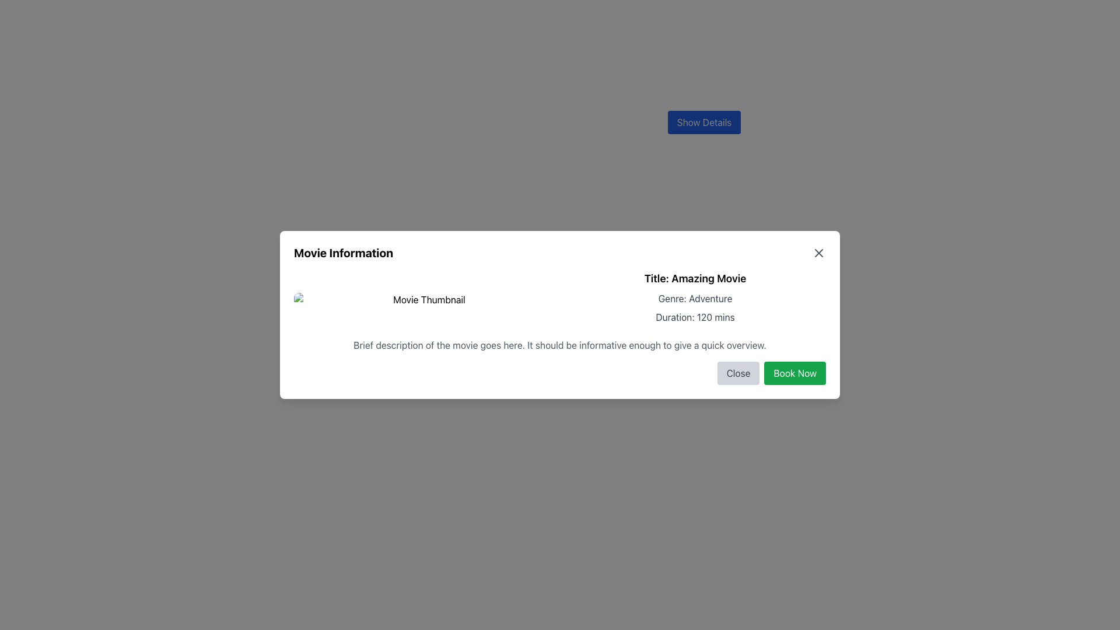  What do you see at coordinates (560, 344) in the screenshot?
I see `the text paragraph element styled in gray, located centrally within the modal, directly below the movie attributes and above the action buttons` at bounding box center [560, 344].